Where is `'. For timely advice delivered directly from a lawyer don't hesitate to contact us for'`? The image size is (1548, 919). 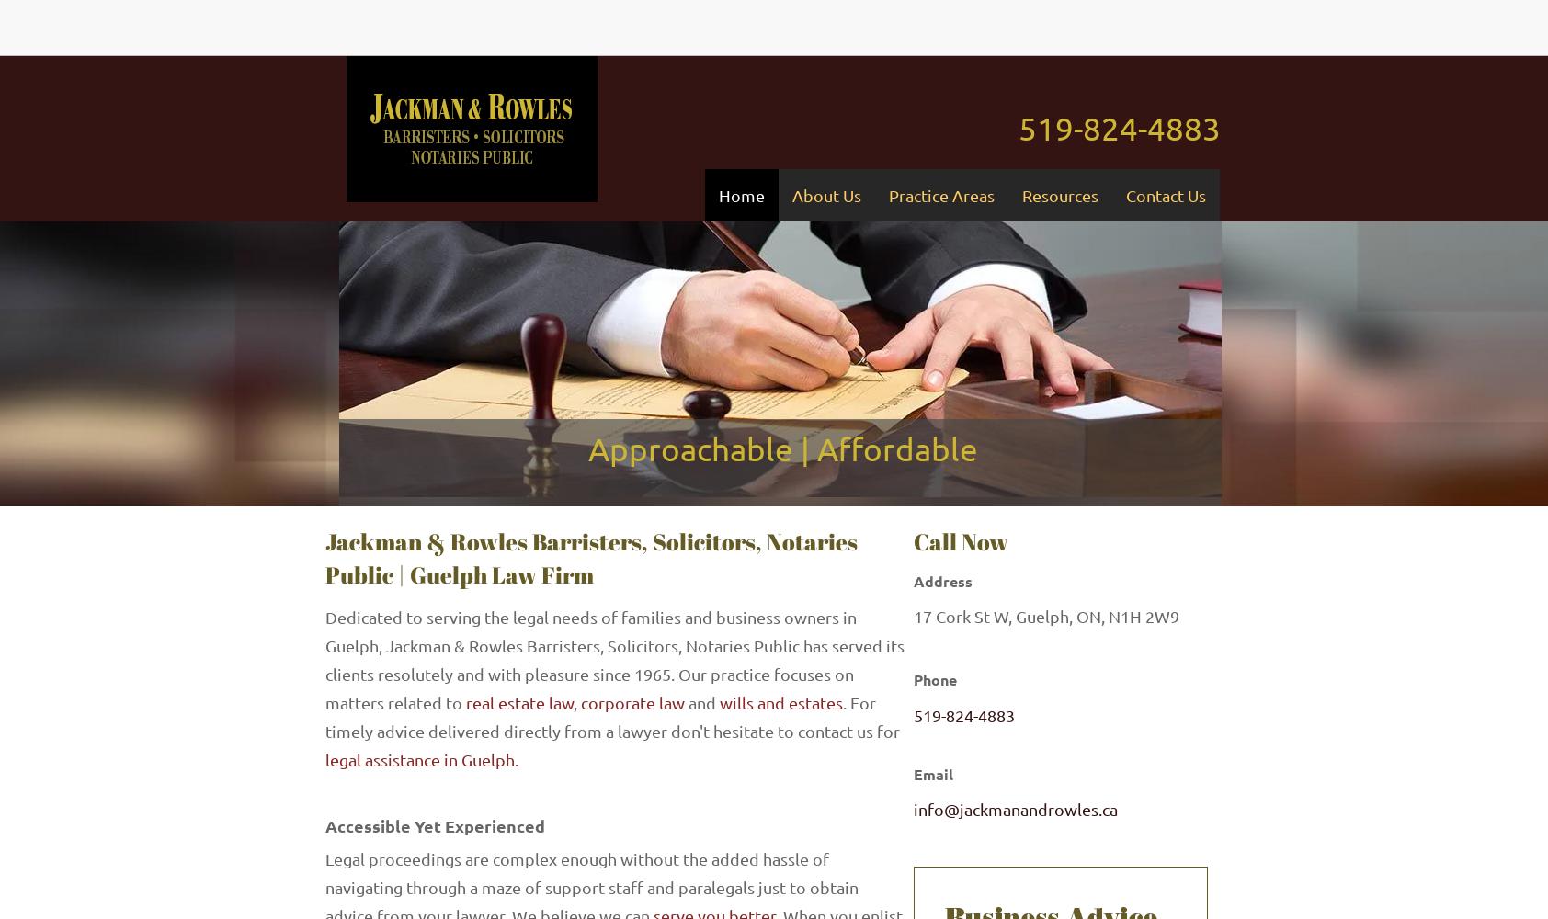
'. For timely advice delivered directly from a lawyer don't hesitate to contact us for' is located at coordinates (324, 717).